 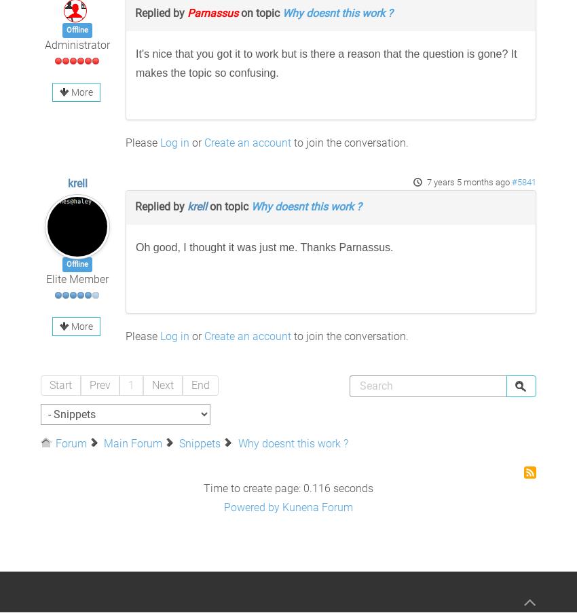 I want to click on 'Oh good, I thought it was just me. Thanks Parnassus.', so click(x=264, y=247).